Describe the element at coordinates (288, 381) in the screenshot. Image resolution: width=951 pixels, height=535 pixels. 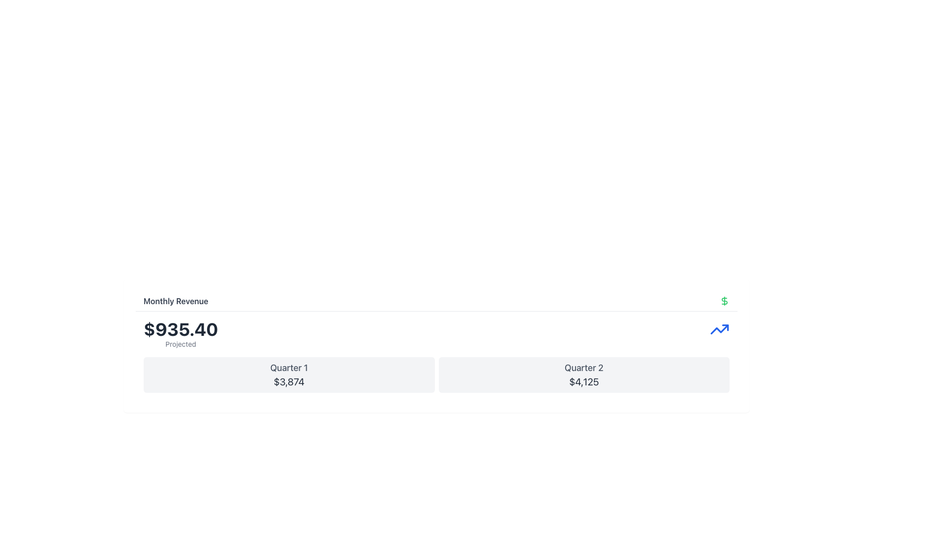
I see `the text label displaying the value '$3,874' that is positioned below 'Quarter 1' in a card-like section` at that location.